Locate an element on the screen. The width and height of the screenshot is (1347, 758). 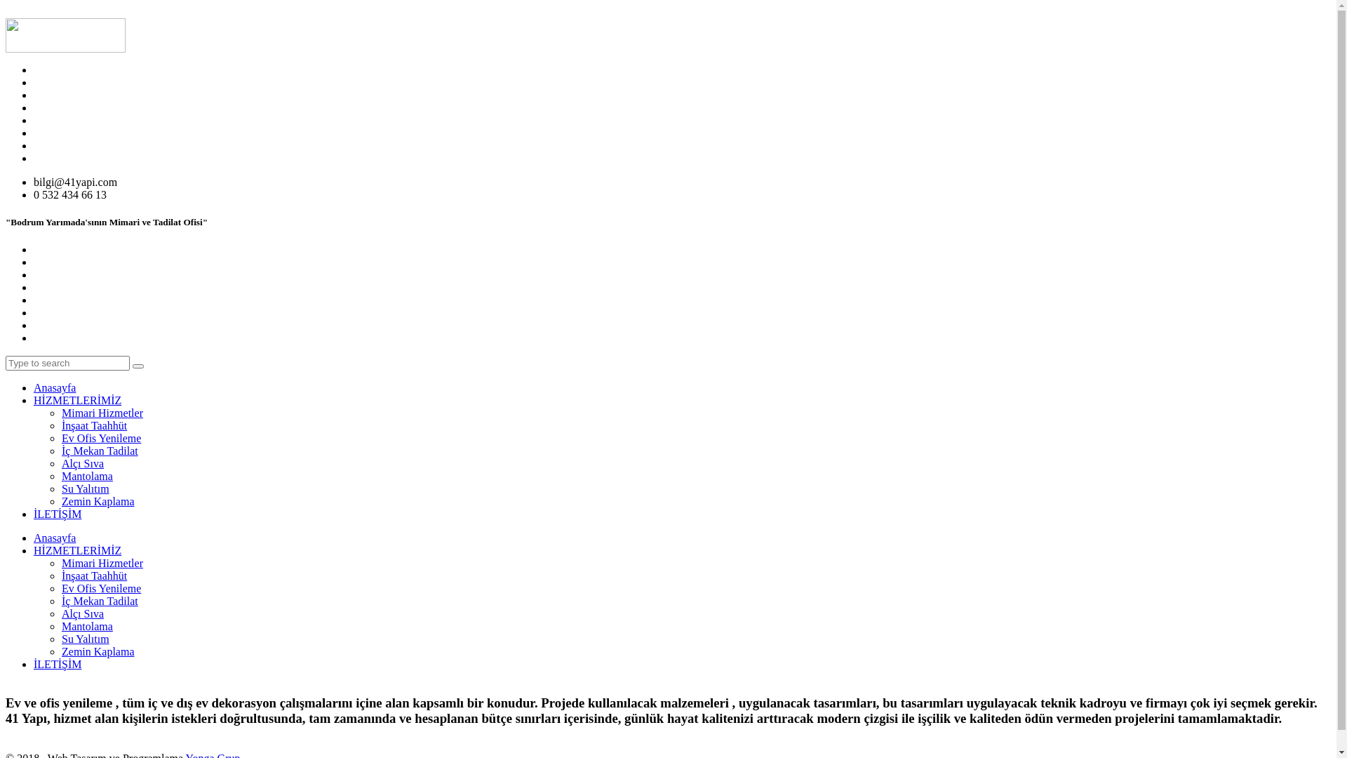
'Zemin Kaplama' is located at coordinates (97, 500).